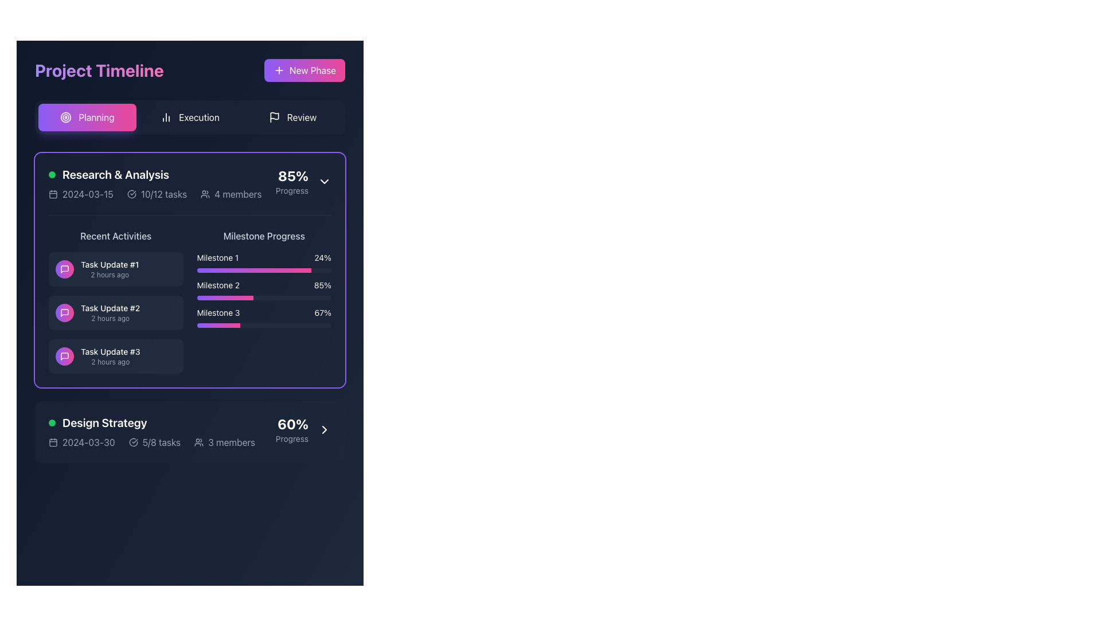 This screenshot has width=1101, height=619. What do you see at coordinates (116, 174) in the screenshot?
I see `the 'Research & Analysis' text label, which is displayed in bold white font on a dark background, located next to a green circular indicator in the 'Recent Activities' section` at bounding box center [116, 174].